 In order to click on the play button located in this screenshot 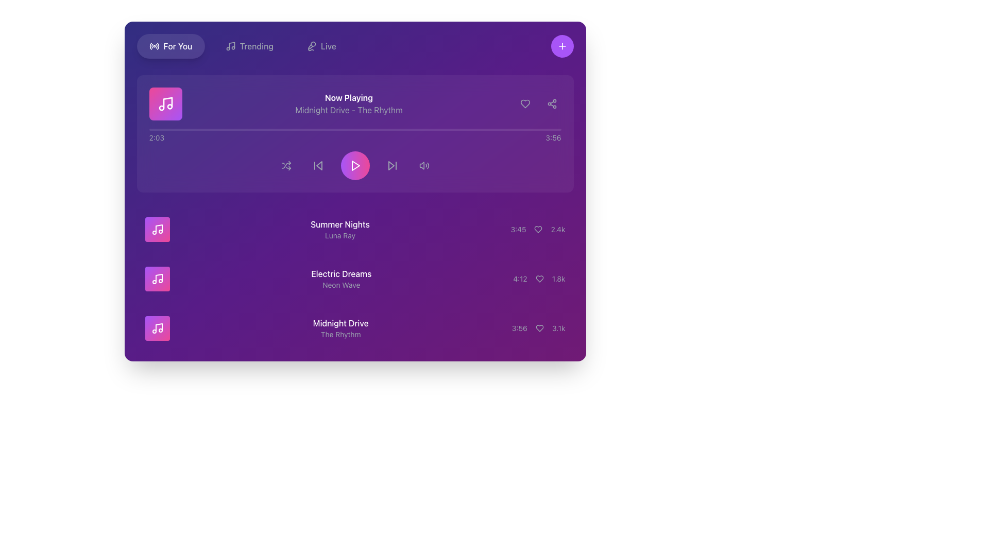, I will do `click(355, 165)`.